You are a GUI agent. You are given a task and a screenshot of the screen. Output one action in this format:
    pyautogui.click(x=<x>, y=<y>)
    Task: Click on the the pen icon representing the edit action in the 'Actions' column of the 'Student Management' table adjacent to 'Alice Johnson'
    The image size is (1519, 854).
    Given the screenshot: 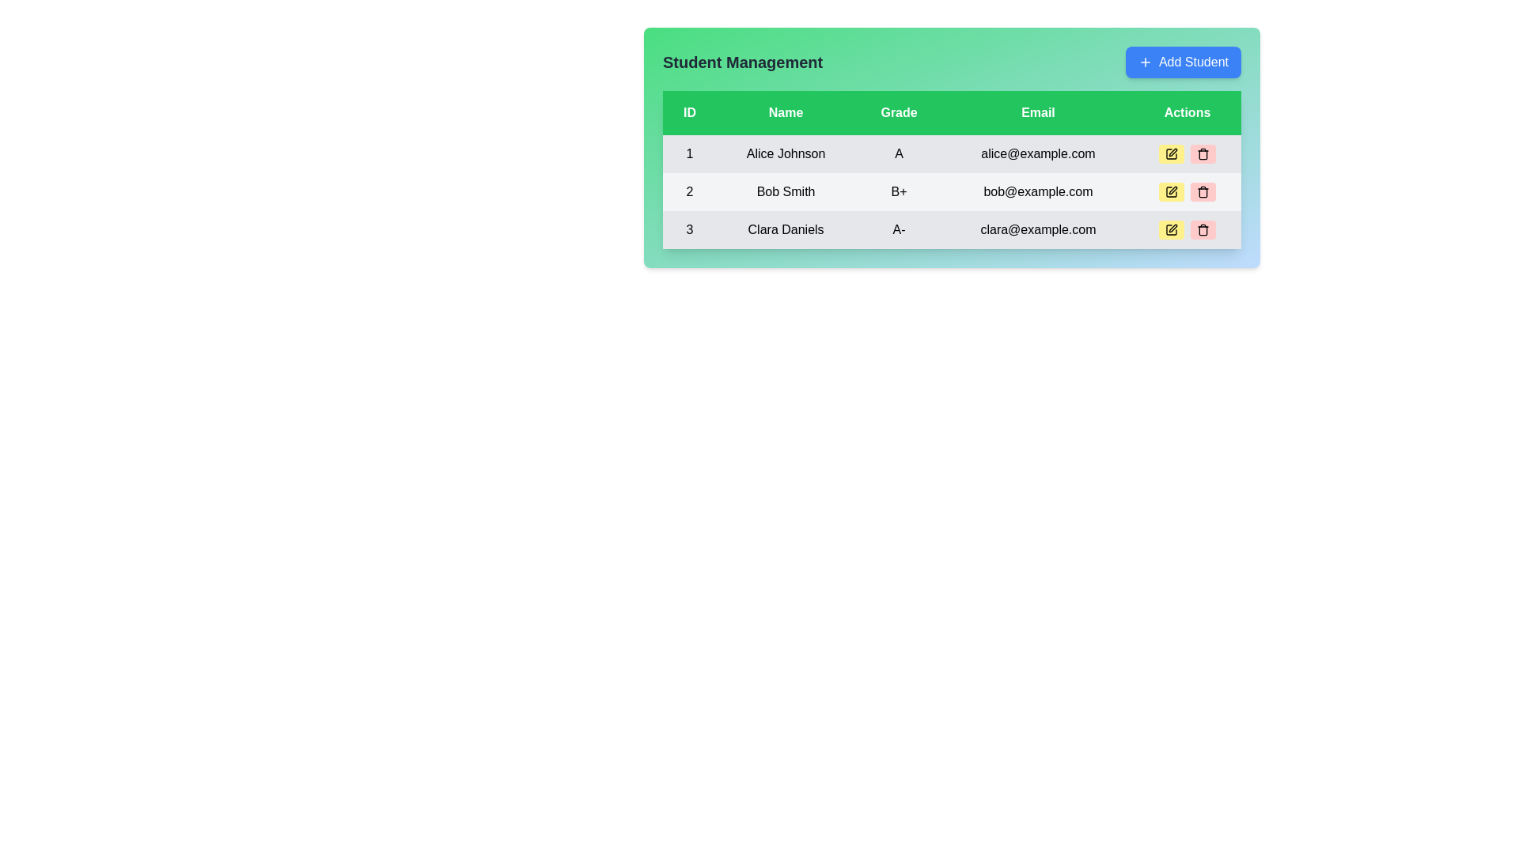 What is the action you would take?
    pyautogui.click(x=1173, y=152)
    